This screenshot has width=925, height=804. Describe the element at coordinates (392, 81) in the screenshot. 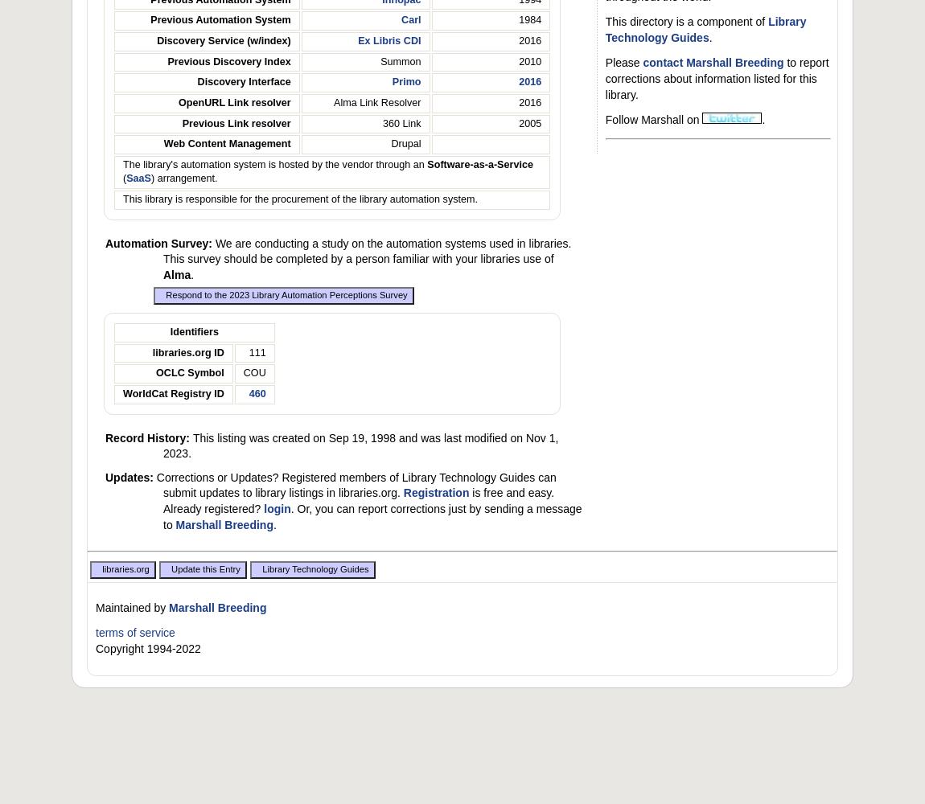

I see `'Primo'` at that location.